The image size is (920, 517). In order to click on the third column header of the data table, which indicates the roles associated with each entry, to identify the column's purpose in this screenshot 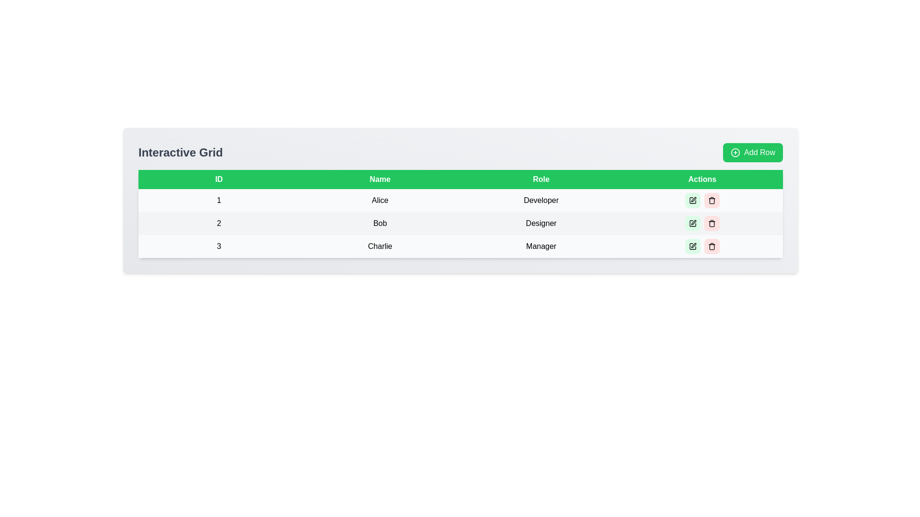, I will do `click(540, 179)`.